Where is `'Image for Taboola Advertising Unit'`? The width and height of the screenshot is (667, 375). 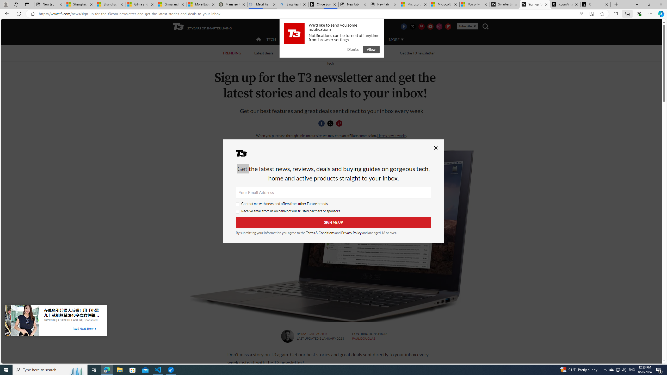
'Image for Taboola Advertising Unit' is located at coordinates (22, 321).